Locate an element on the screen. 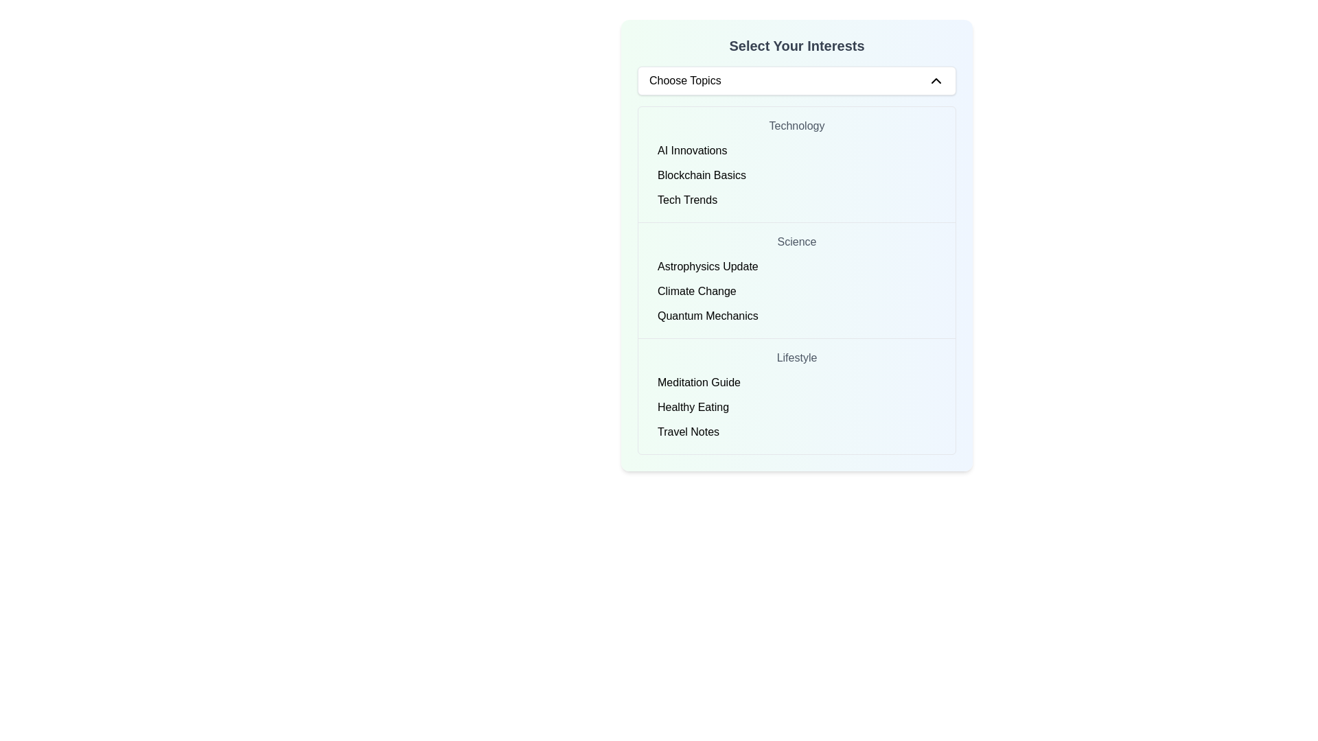  the second selectable list item for the topic 'Healthy Eating' located under the 'Lifestyle' section is located at coordinates (797, 407).